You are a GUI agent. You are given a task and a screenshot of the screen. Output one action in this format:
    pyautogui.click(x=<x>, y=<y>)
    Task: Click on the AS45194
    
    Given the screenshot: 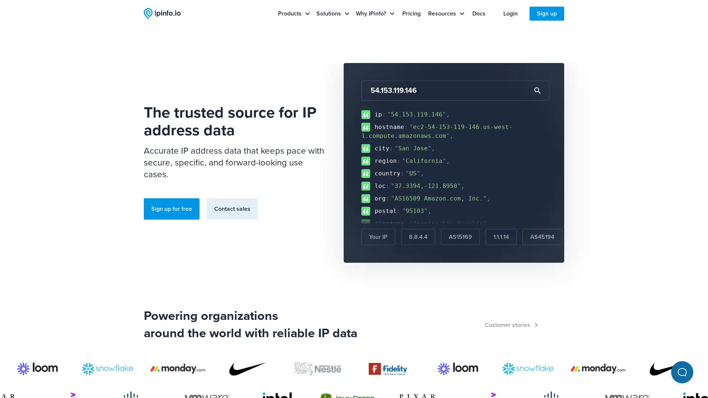 What is the action you would take?
    pyautogui.click(x=542, y=237)
    